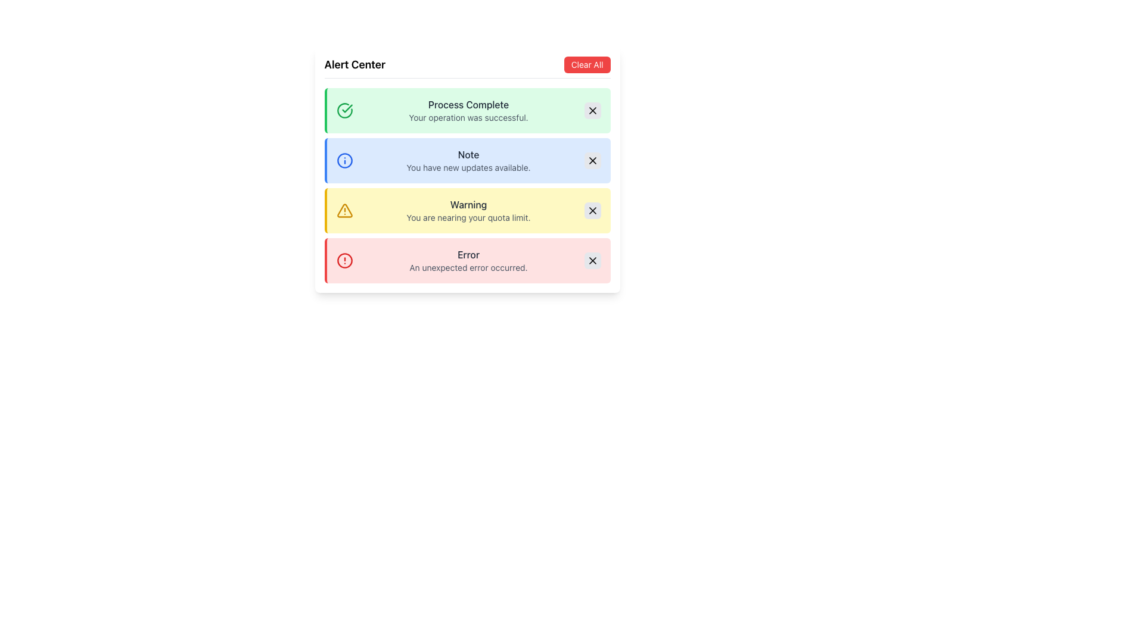 The height and width of the screenshot is (643, 1144). Describe the element at coordinates (468, 254) in the screenshot. I see `the text label that serves as the title or summary of an alert message indicating an error condition` at that location.